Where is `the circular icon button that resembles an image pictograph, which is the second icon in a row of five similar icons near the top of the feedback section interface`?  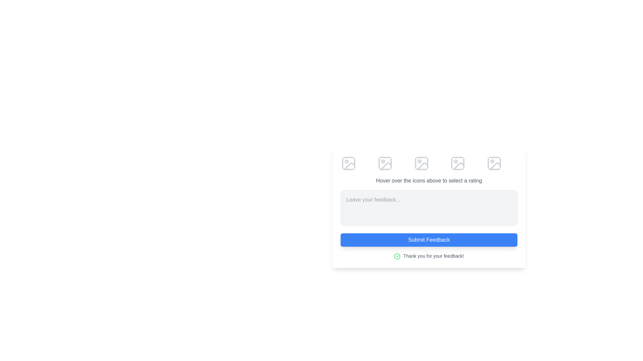
the circular icon button that resembles an image pictograph, which is the second icon in a row of five similar icons near the top of the feedback section interface is located at coordinates (385, 163).